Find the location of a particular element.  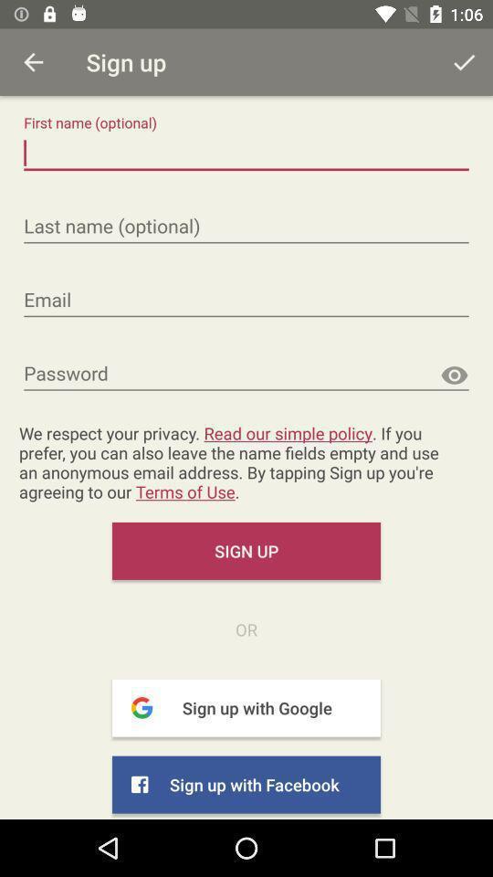

email is located at coordinates (246, 301).